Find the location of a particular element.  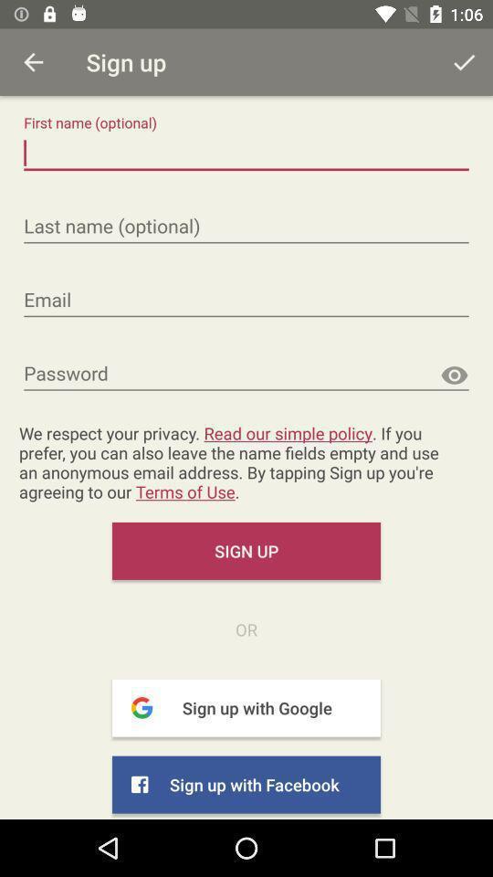

email is located at coordinates (246, 301).